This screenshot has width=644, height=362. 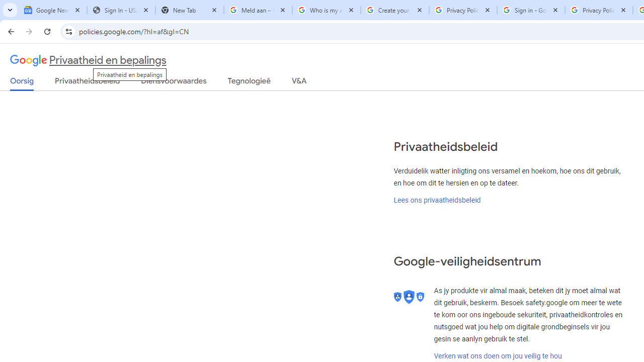 I want to click on 'Privaatheid en bepalings', so click(x=89, y=60).